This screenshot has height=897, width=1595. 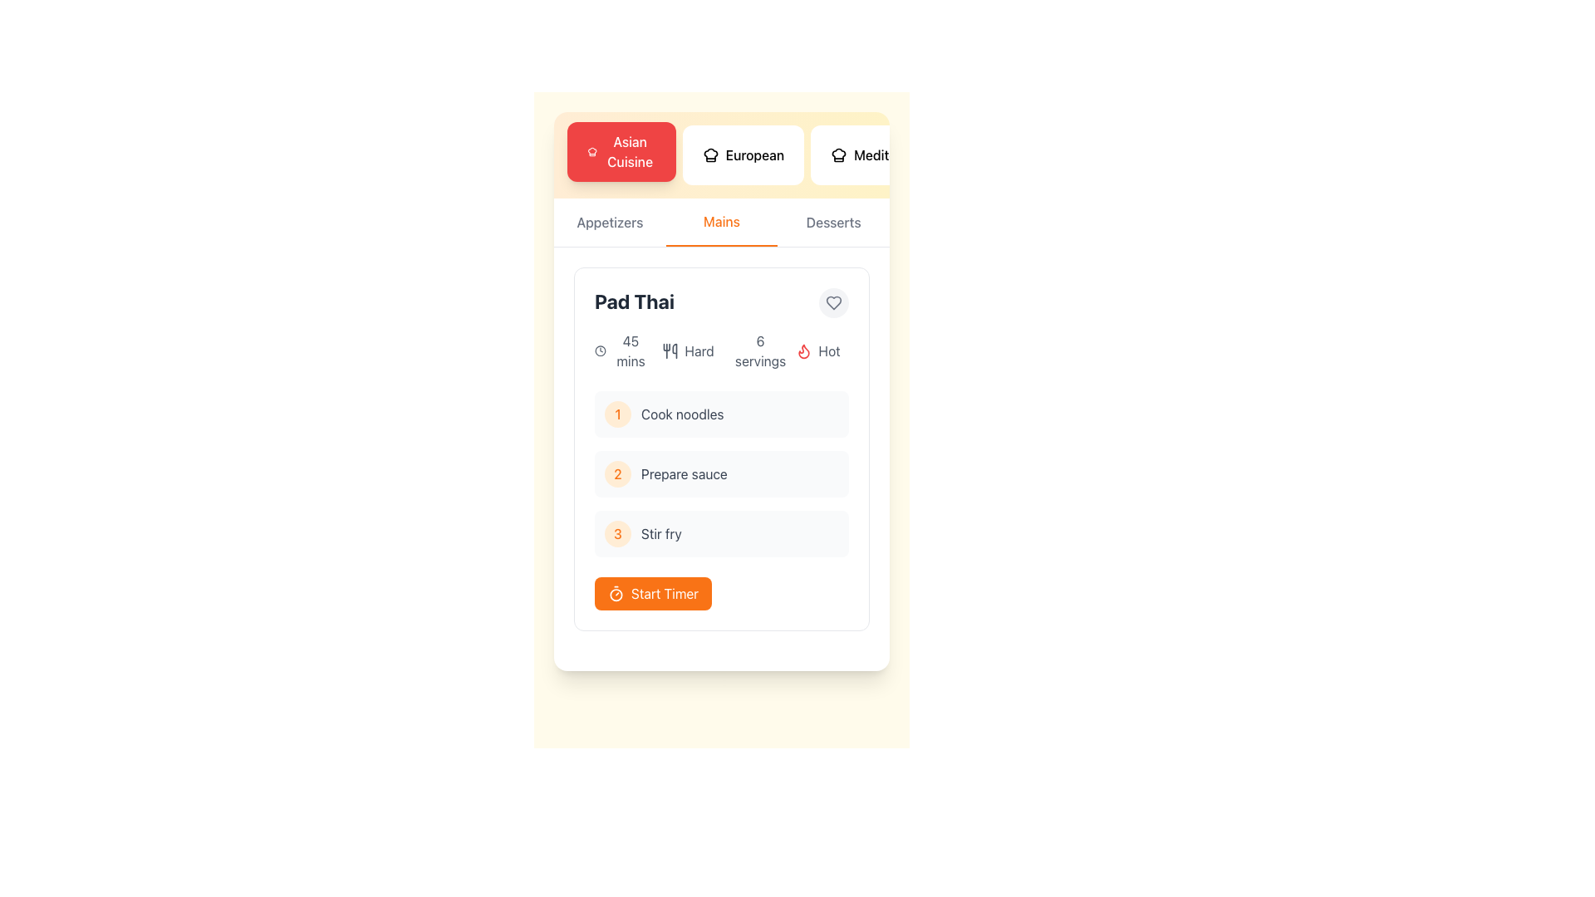 I want to click on the first Task item, so click(x=721, y=413).